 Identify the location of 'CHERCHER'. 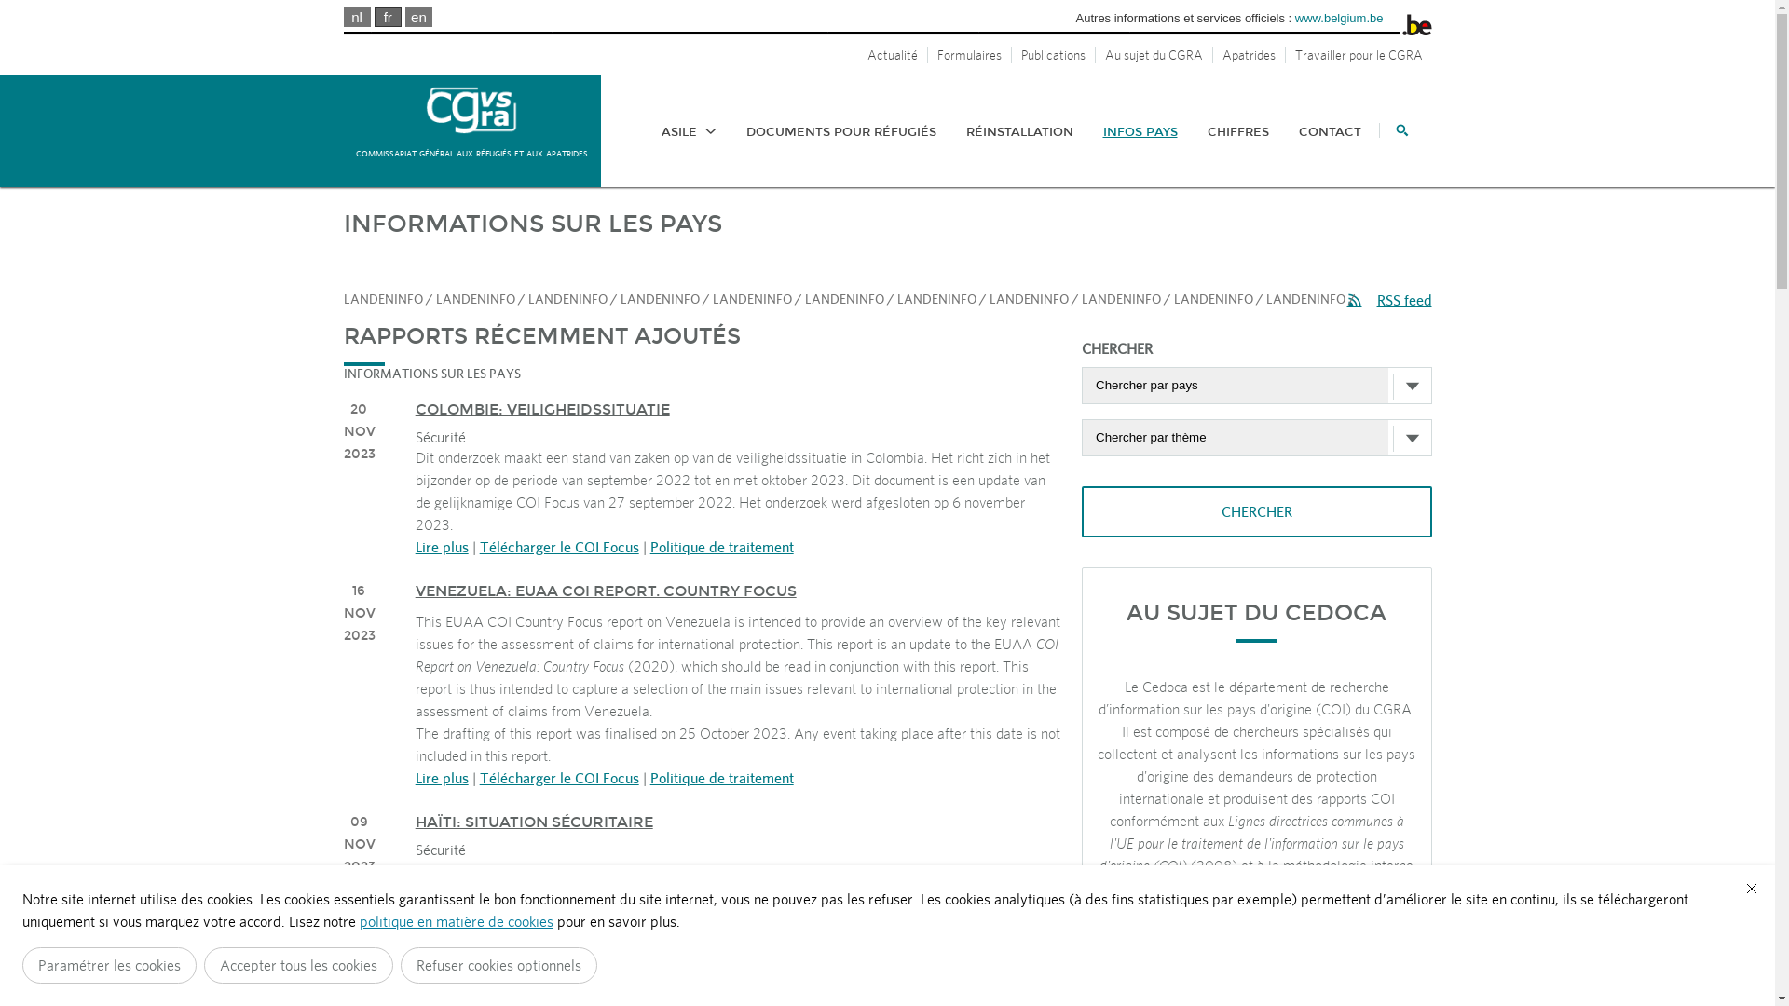
(1256, 511).